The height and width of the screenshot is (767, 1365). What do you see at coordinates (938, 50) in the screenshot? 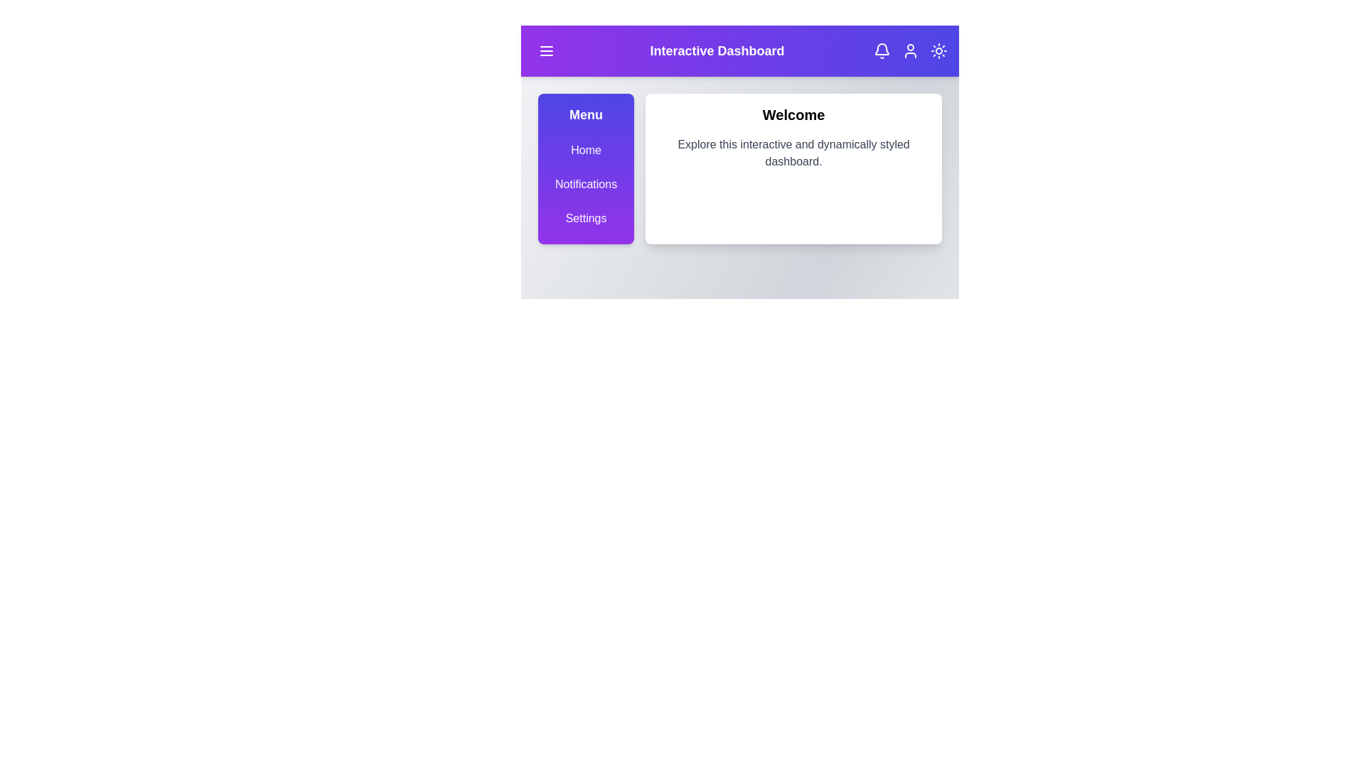
I see `the sun icon to switch themes or modes` at bounding box center [938, 50].